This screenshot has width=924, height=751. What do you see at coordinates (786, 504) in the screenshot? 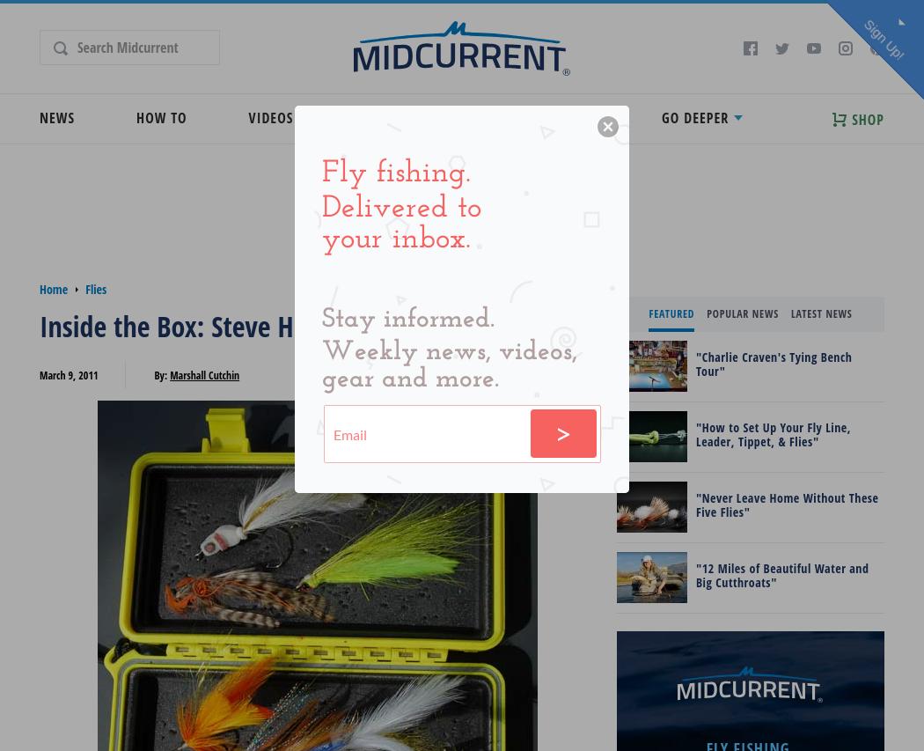
I see `'"Never Leave Home Without These Five Flies"'` at bounding box center [786, 504].